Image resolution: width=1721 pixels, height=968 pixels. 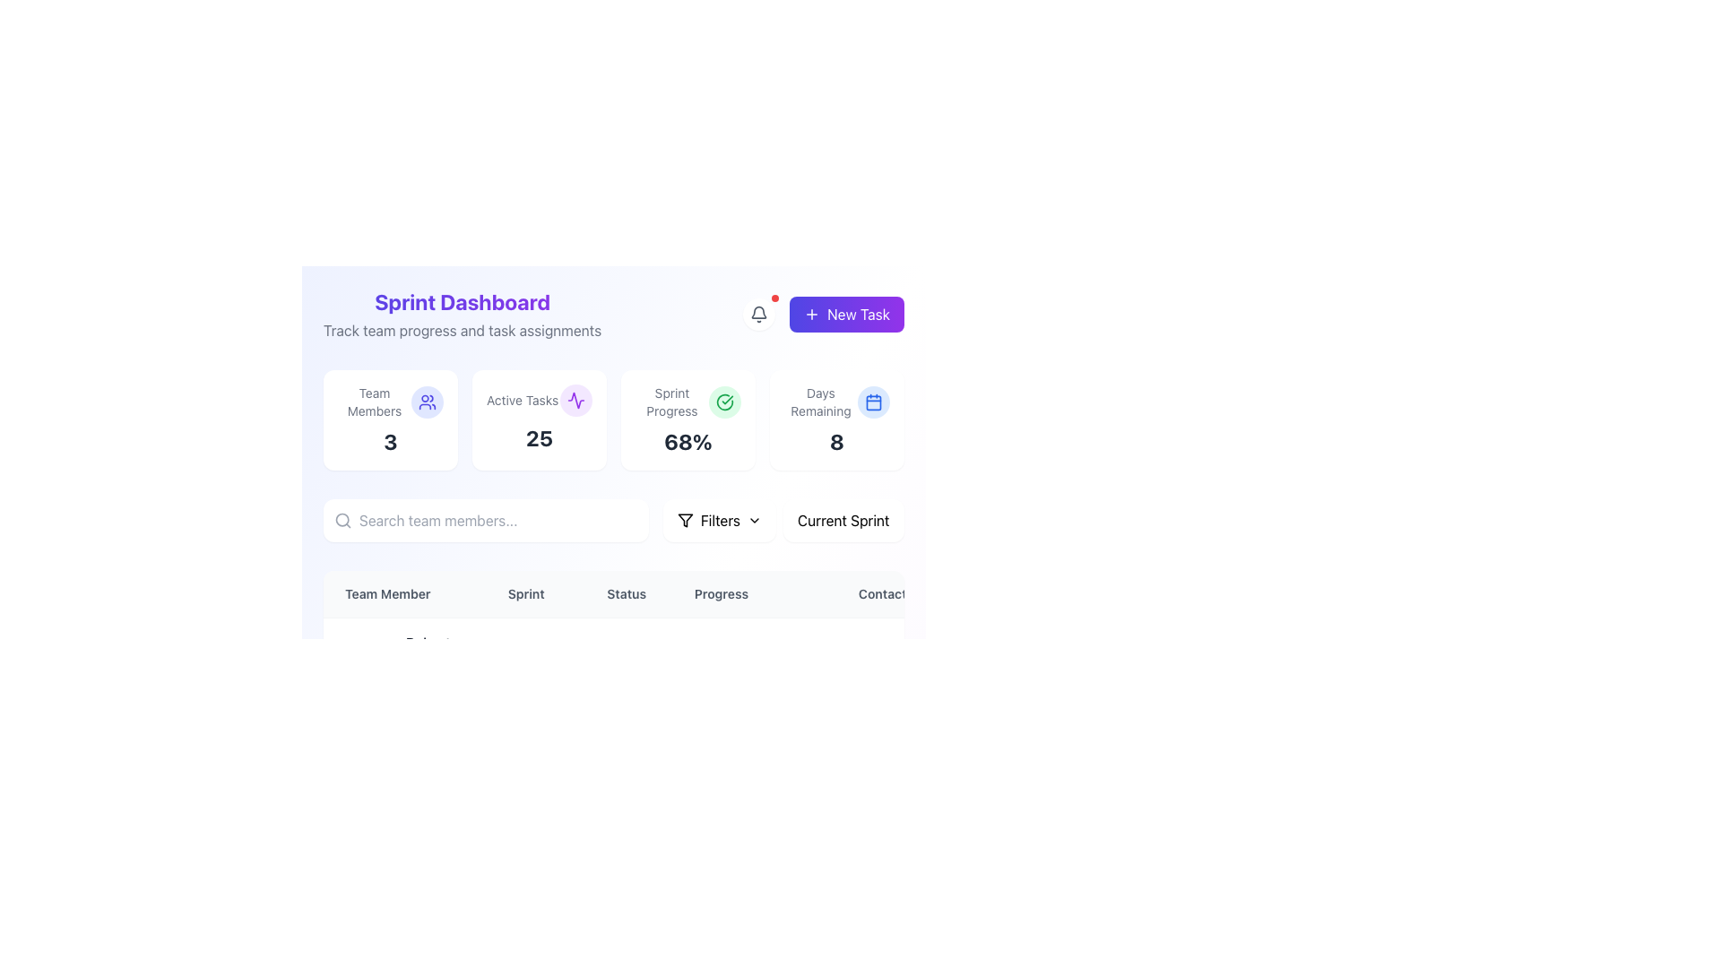 I want to click on the status conveyed by the small circular green status indicator located at the bottom right of the larger circular component with the text 'R', so click(x=377, y=687).